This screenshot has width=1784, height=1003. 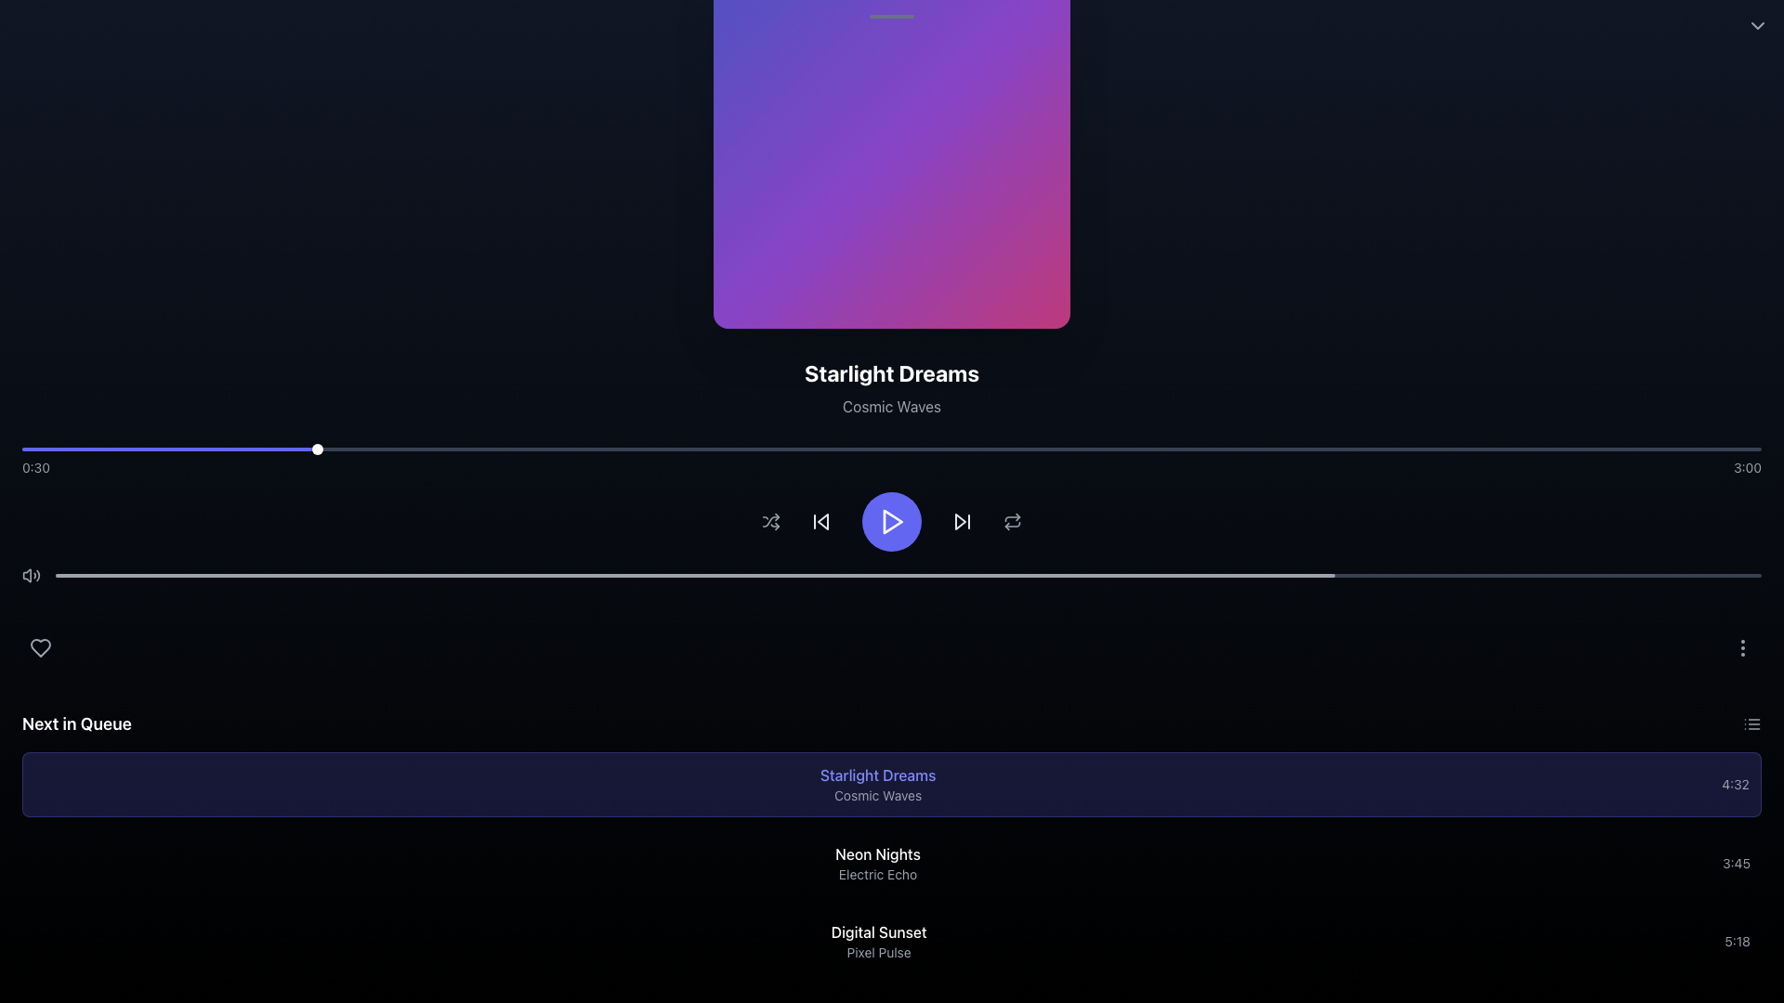 I want to click on the 'Skip Forward' button located to the right of the circular play button and to the left of the repeat control icon in the horizontal control bar at the bottom of the interface to skip forward in the media playlist, so click(x=963, y=522).